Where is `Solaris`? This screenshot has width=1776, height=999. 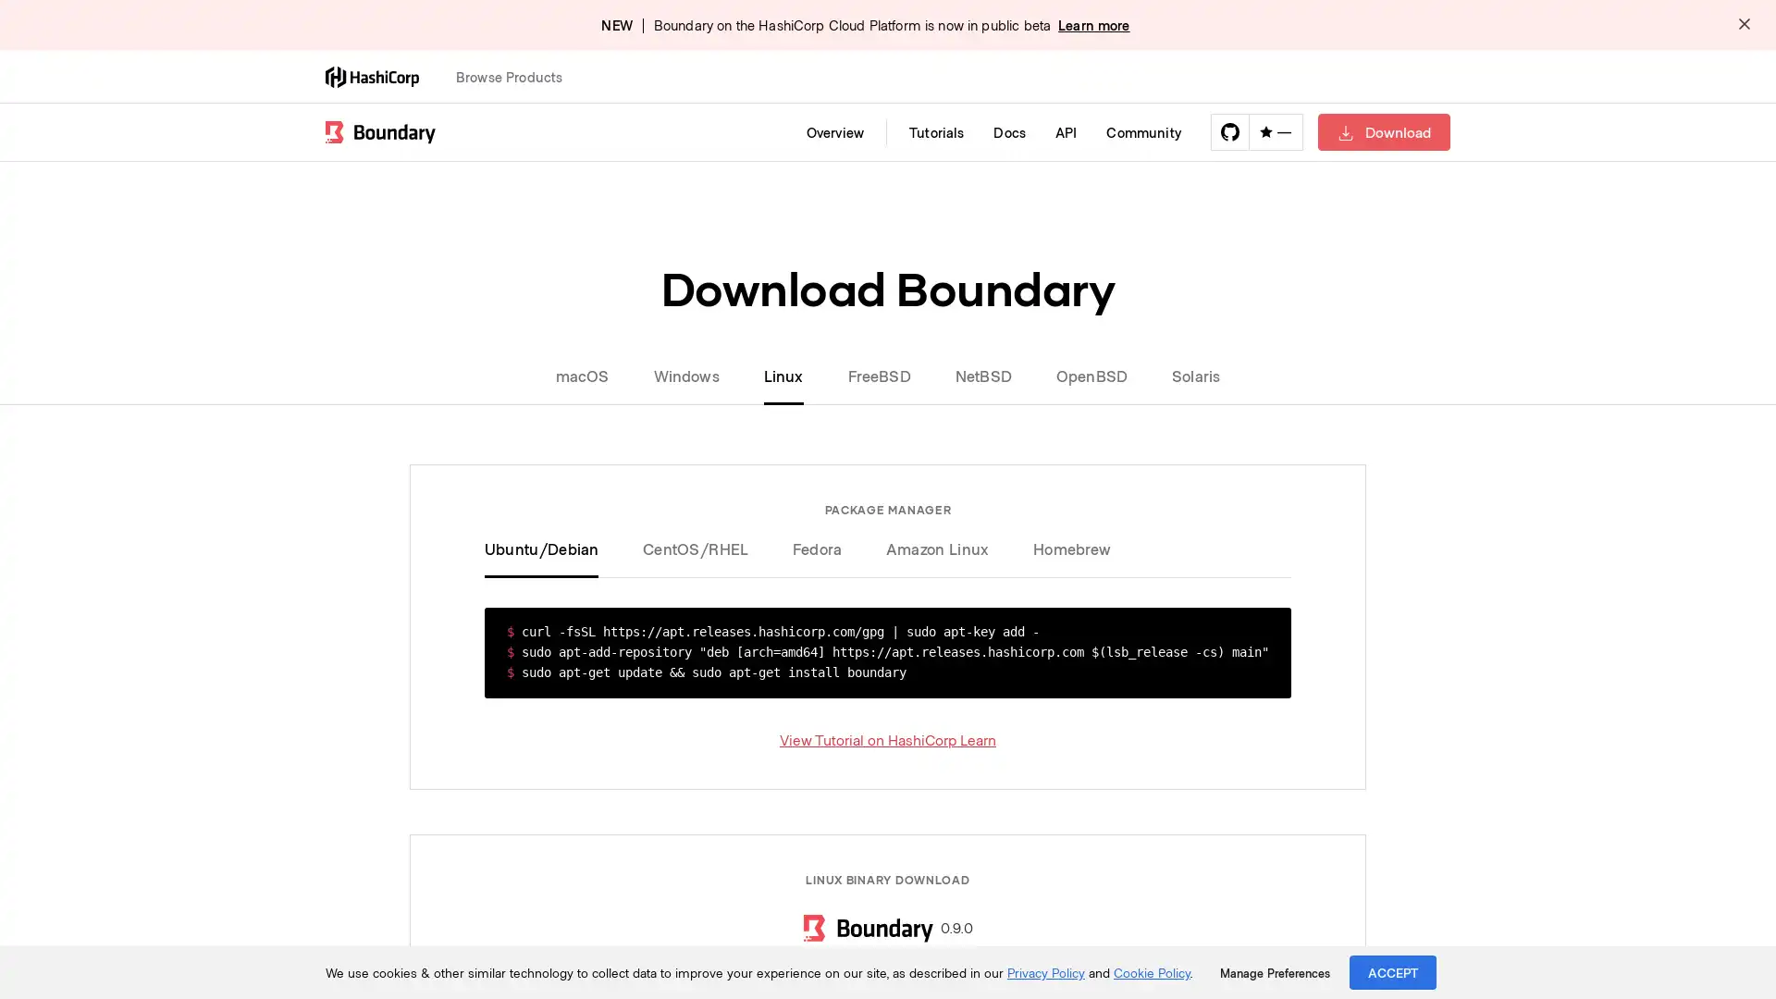 Solaris is located at coordinates (1185, 375).